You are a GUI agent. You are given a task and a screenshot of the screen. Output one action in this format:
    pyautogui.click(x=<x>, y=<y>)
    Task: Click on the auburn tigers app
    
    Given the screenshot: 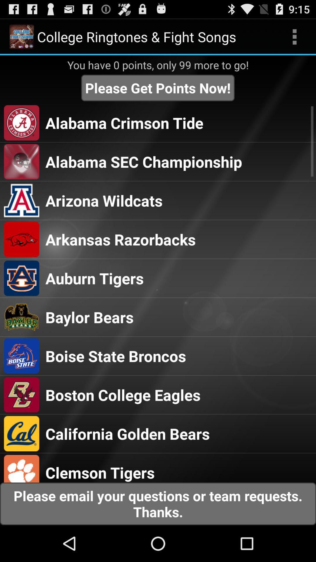 What is the action you would take?
    pyautogui.click(x=94, y=278)
    